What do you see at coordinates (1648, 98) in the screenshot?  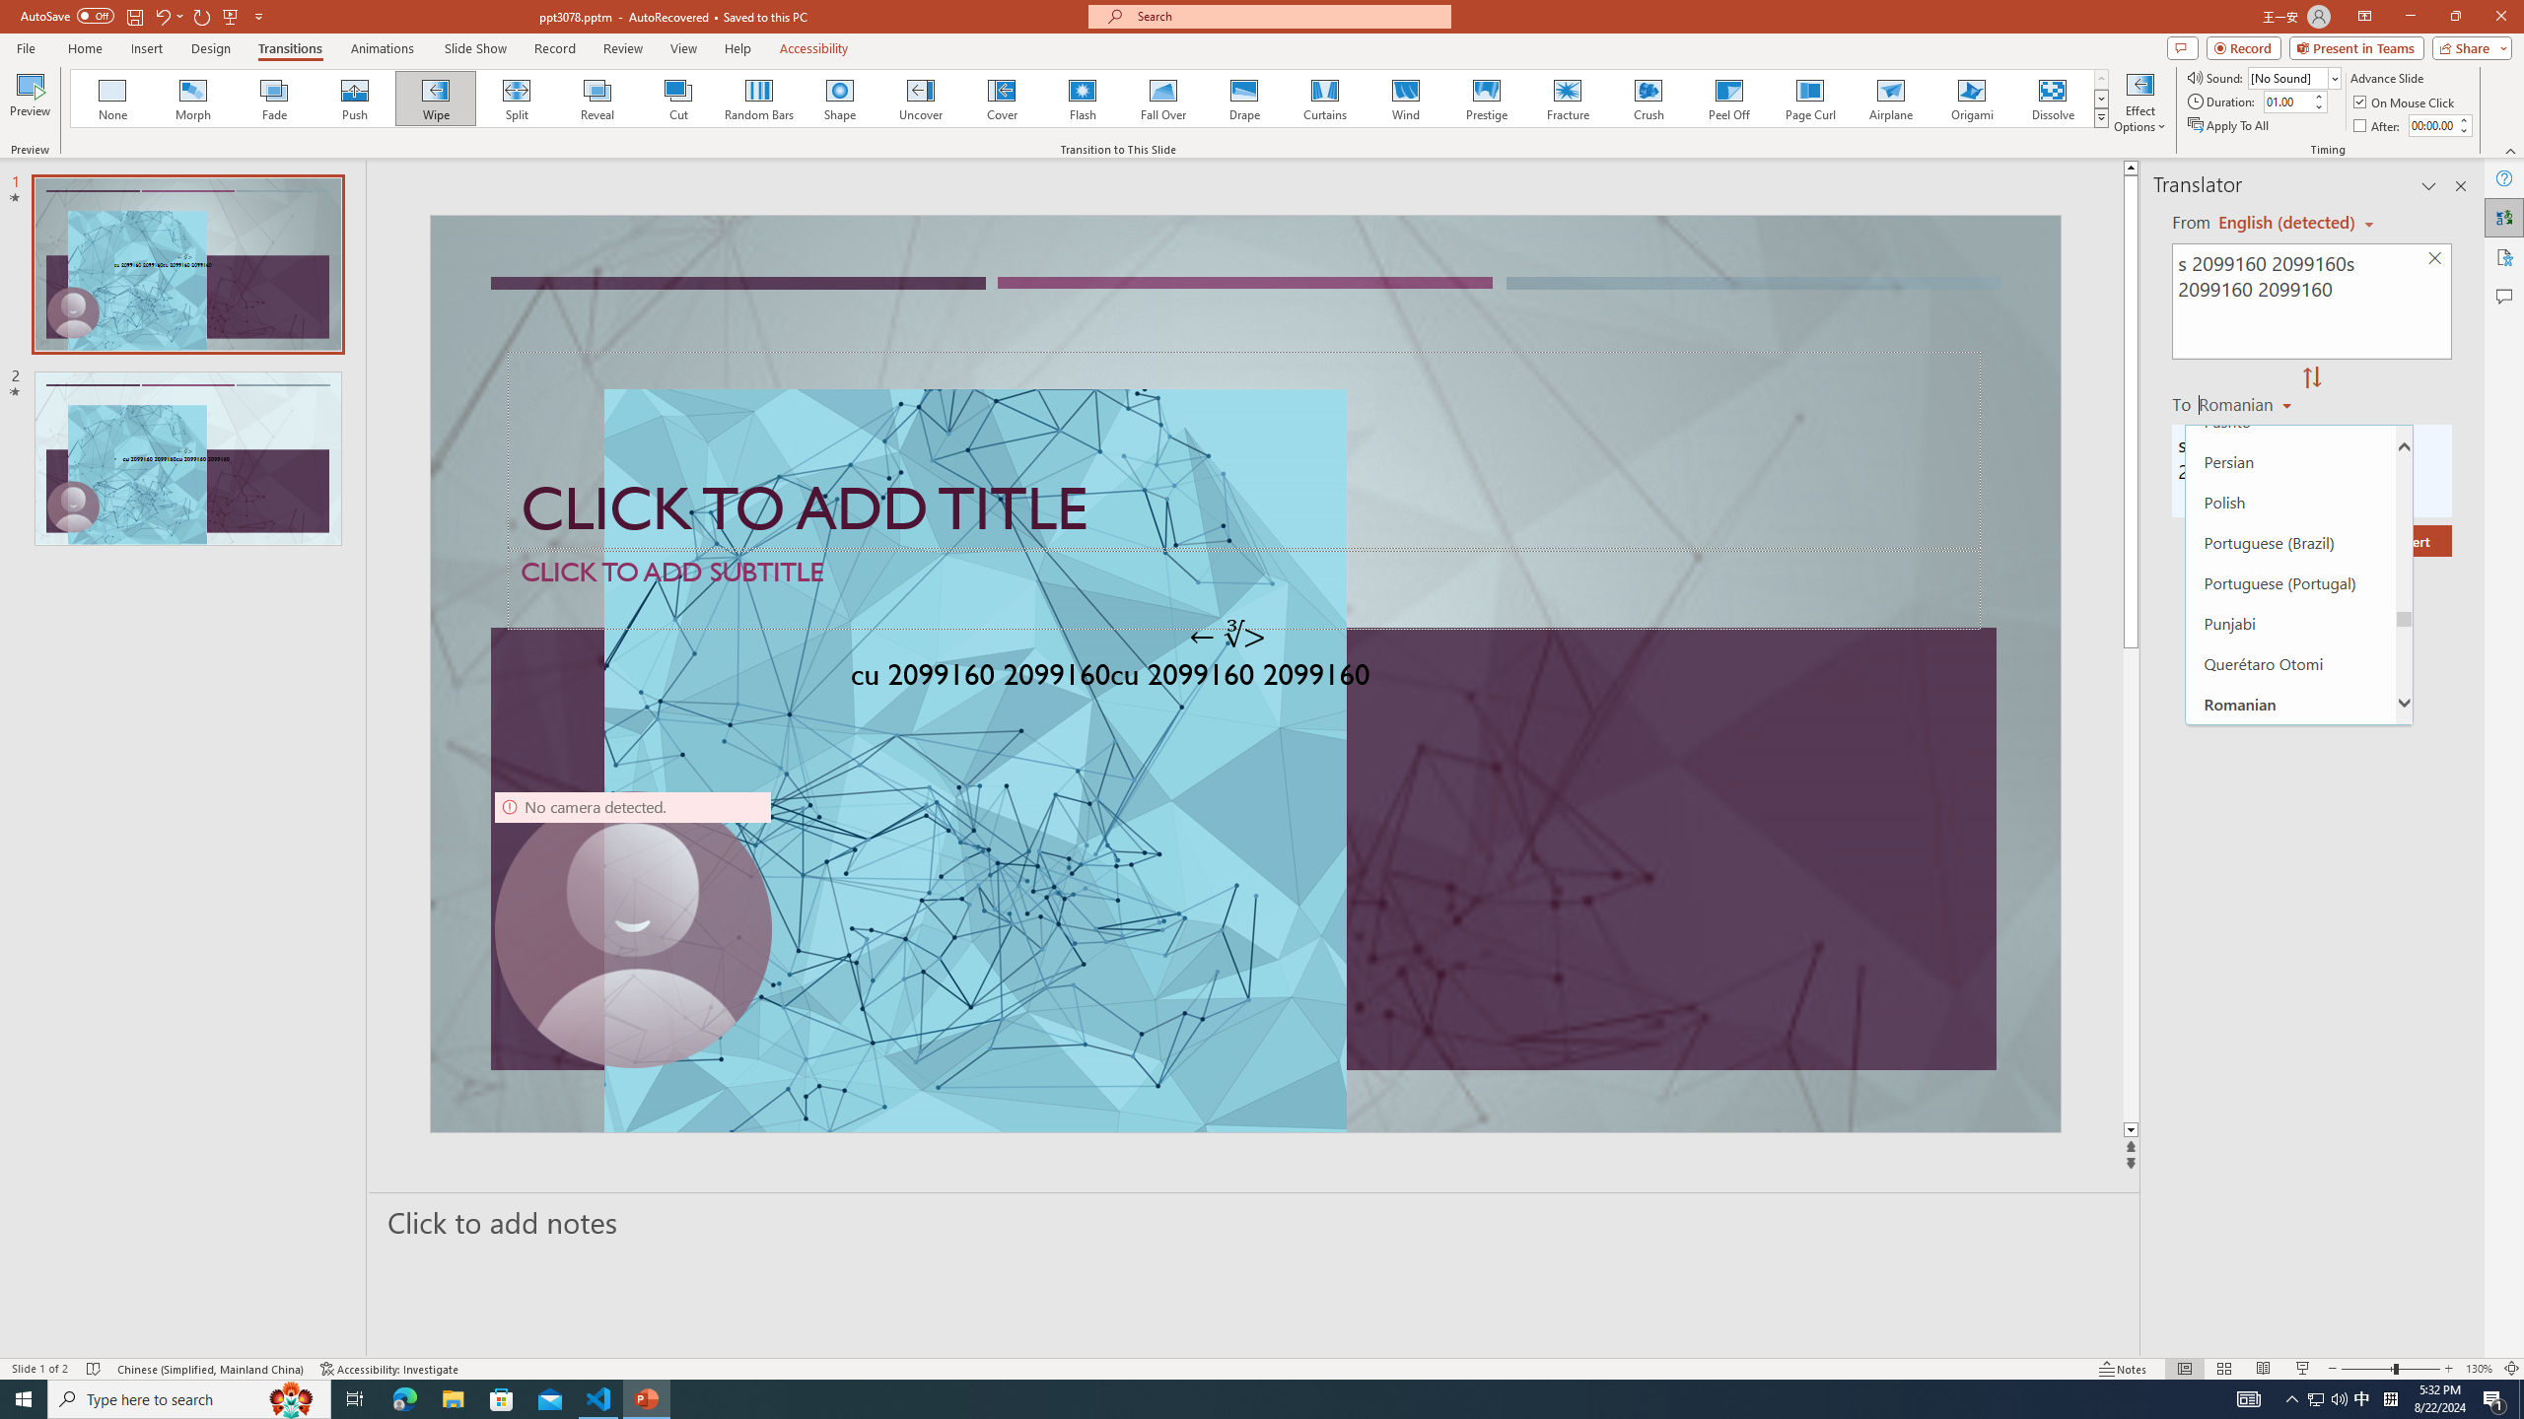 I see `'Crush'` at bounding box center [1648, 98].